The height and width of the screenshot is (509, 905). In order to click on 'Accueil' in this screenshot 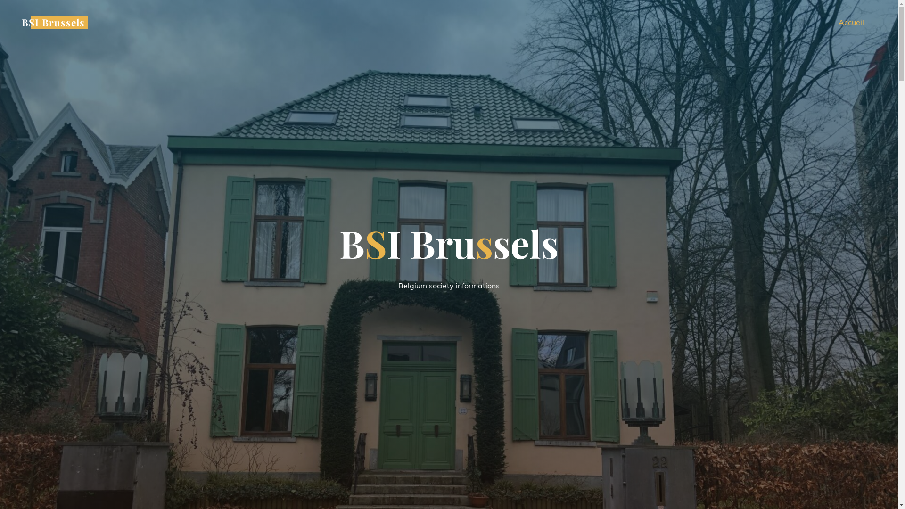, I will do `click(851, 22)`.